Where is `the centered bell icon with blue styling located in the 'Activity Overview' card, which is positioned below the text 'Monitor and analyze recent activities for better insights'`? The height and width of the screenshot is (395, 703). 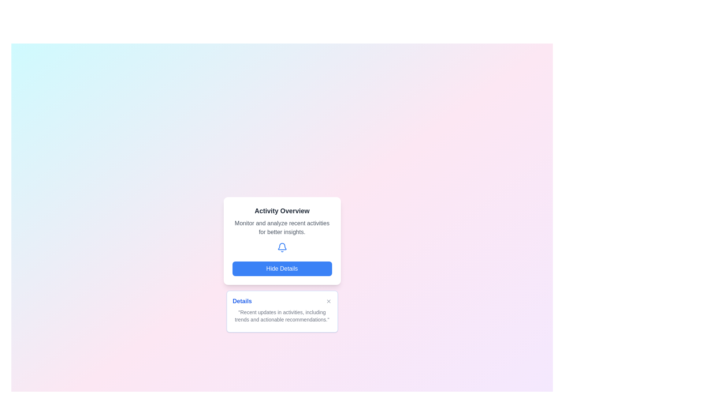 the centered bell icon with blue styling located in the 'Activity Overview' card, which is positioned below the text 'Monitor and analyze recent activities for better insights' is located at coordinates (282, 247).